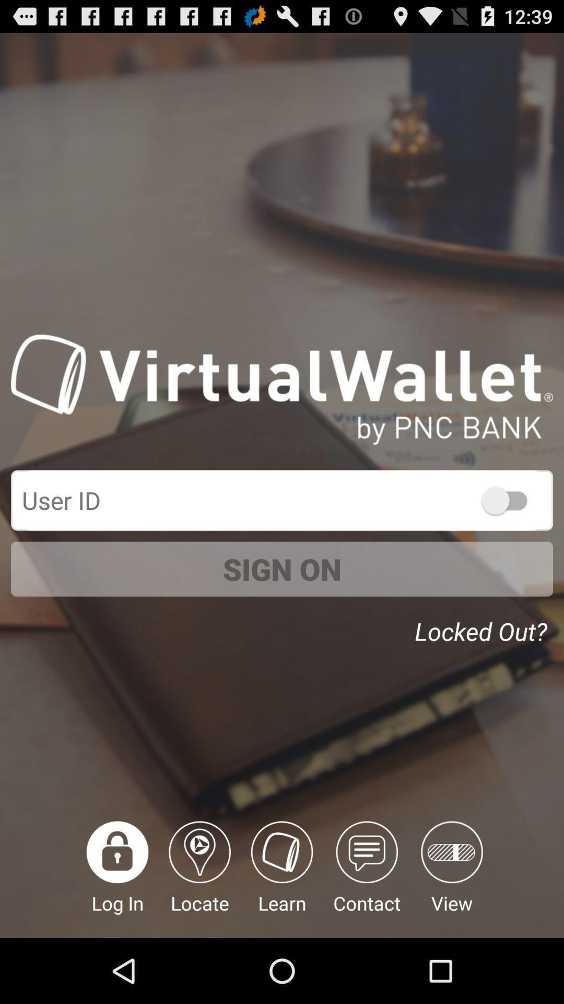 This screenshot has height=1004, width=564. What do you see at coordinates (199, 879) in the screenshot?
I see `the item next to the log in` at bounding box center [199, 879].